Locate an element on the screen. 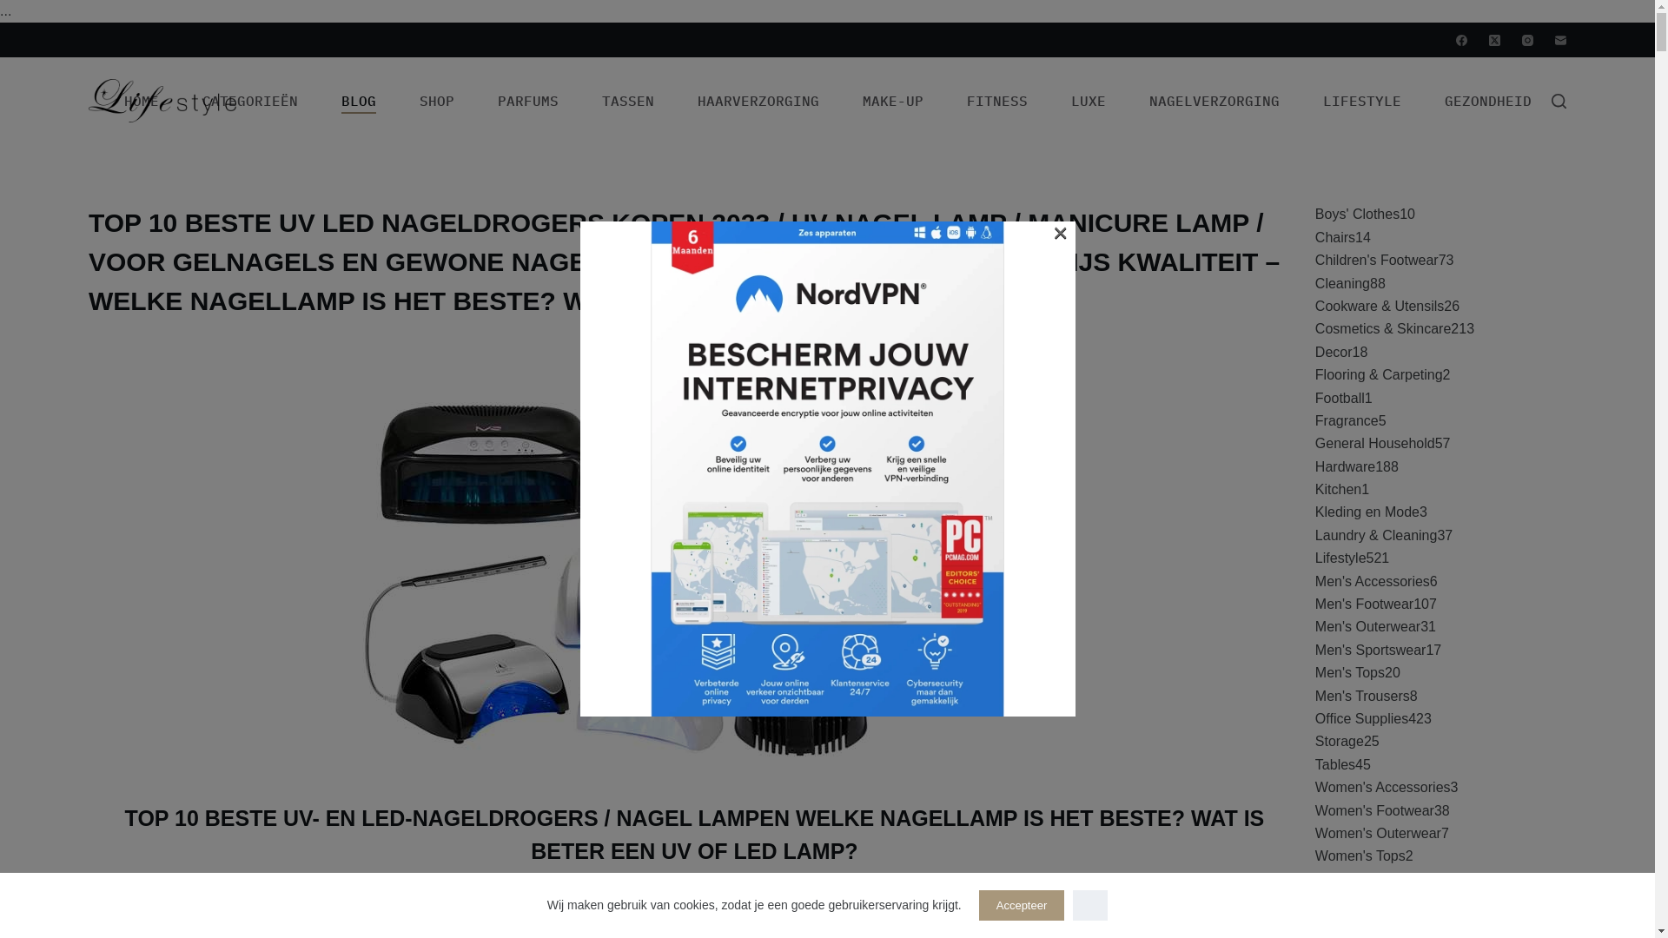 Image resolution: width=1668 pixels, height=938 pixels. 'Women's Outerwear' is located at coordinates (1377, 832).